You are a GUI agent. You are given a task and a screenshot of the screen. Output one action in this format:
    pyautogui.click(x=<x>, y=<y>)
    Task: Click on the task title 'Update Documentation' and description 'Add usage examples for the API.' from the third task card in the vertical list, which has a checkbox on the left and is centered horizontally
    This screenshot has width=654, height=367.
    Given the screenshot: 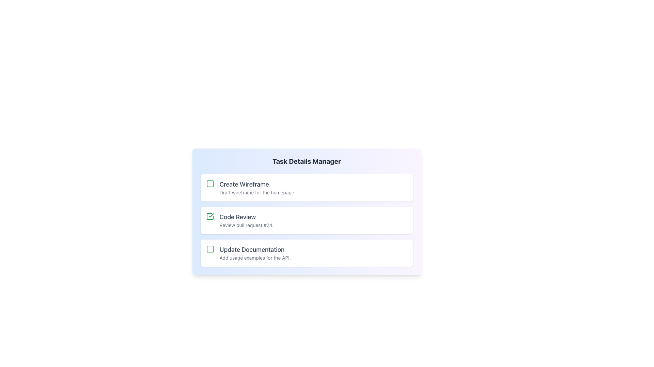 What is the action you would take?
    pyautogui.click(x=306, y=253)
    